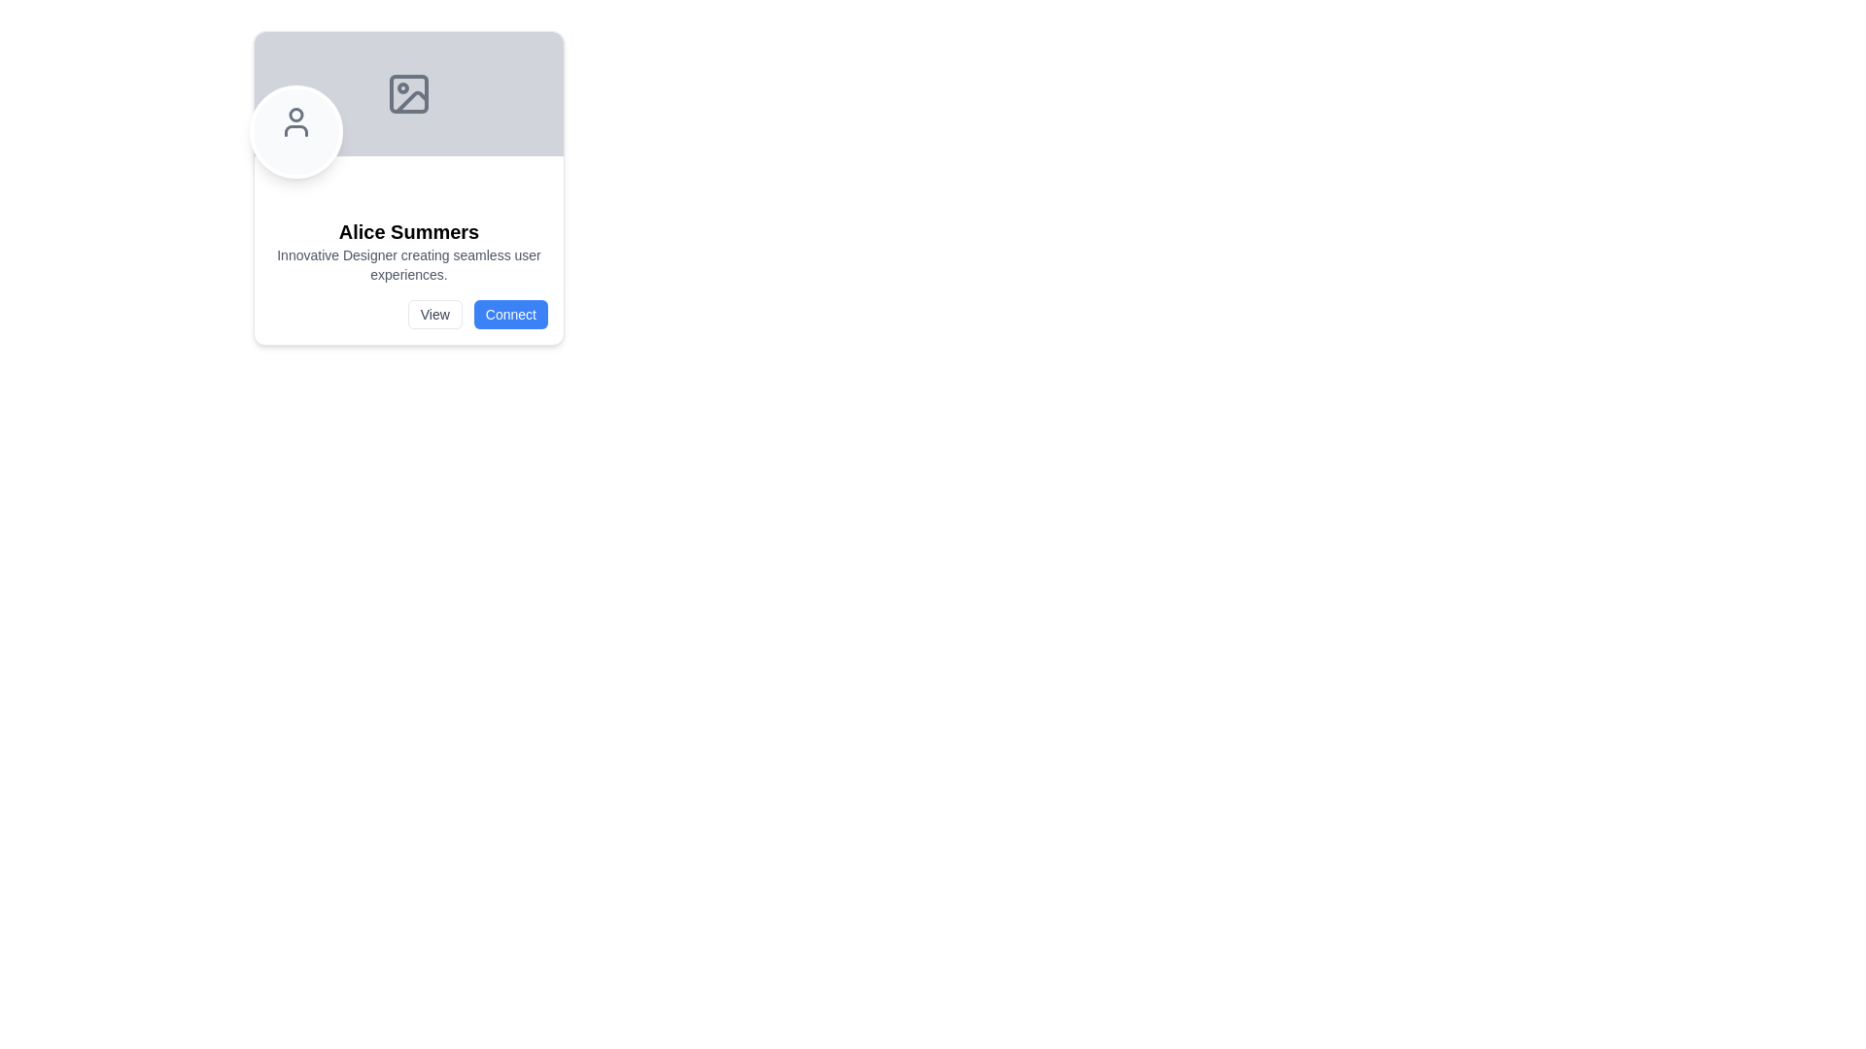 This screenshot has height=1049, width=1866. Describe the element at coordinates (408, 93) in the screenshot. I see `the image/photo icon with a square outline and rounded corners located in the top-right corner of the user card layout's header area` at that location.